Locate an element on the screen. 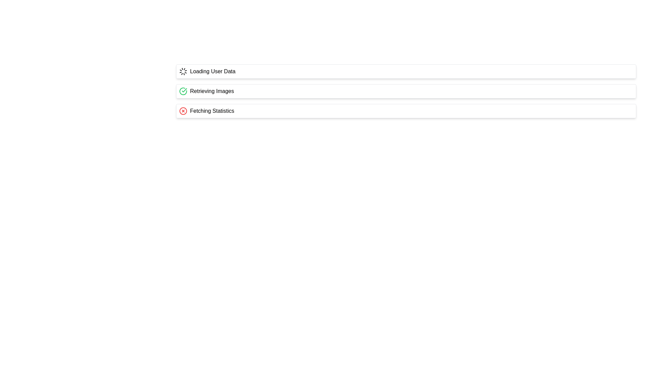 The width and height of the screenshot is (654, 368). the Loading Spinner icon that indicates the application is processing or loading data, positioned to the left of the 'Loading User Data' text is located at coordinates (183, 71).